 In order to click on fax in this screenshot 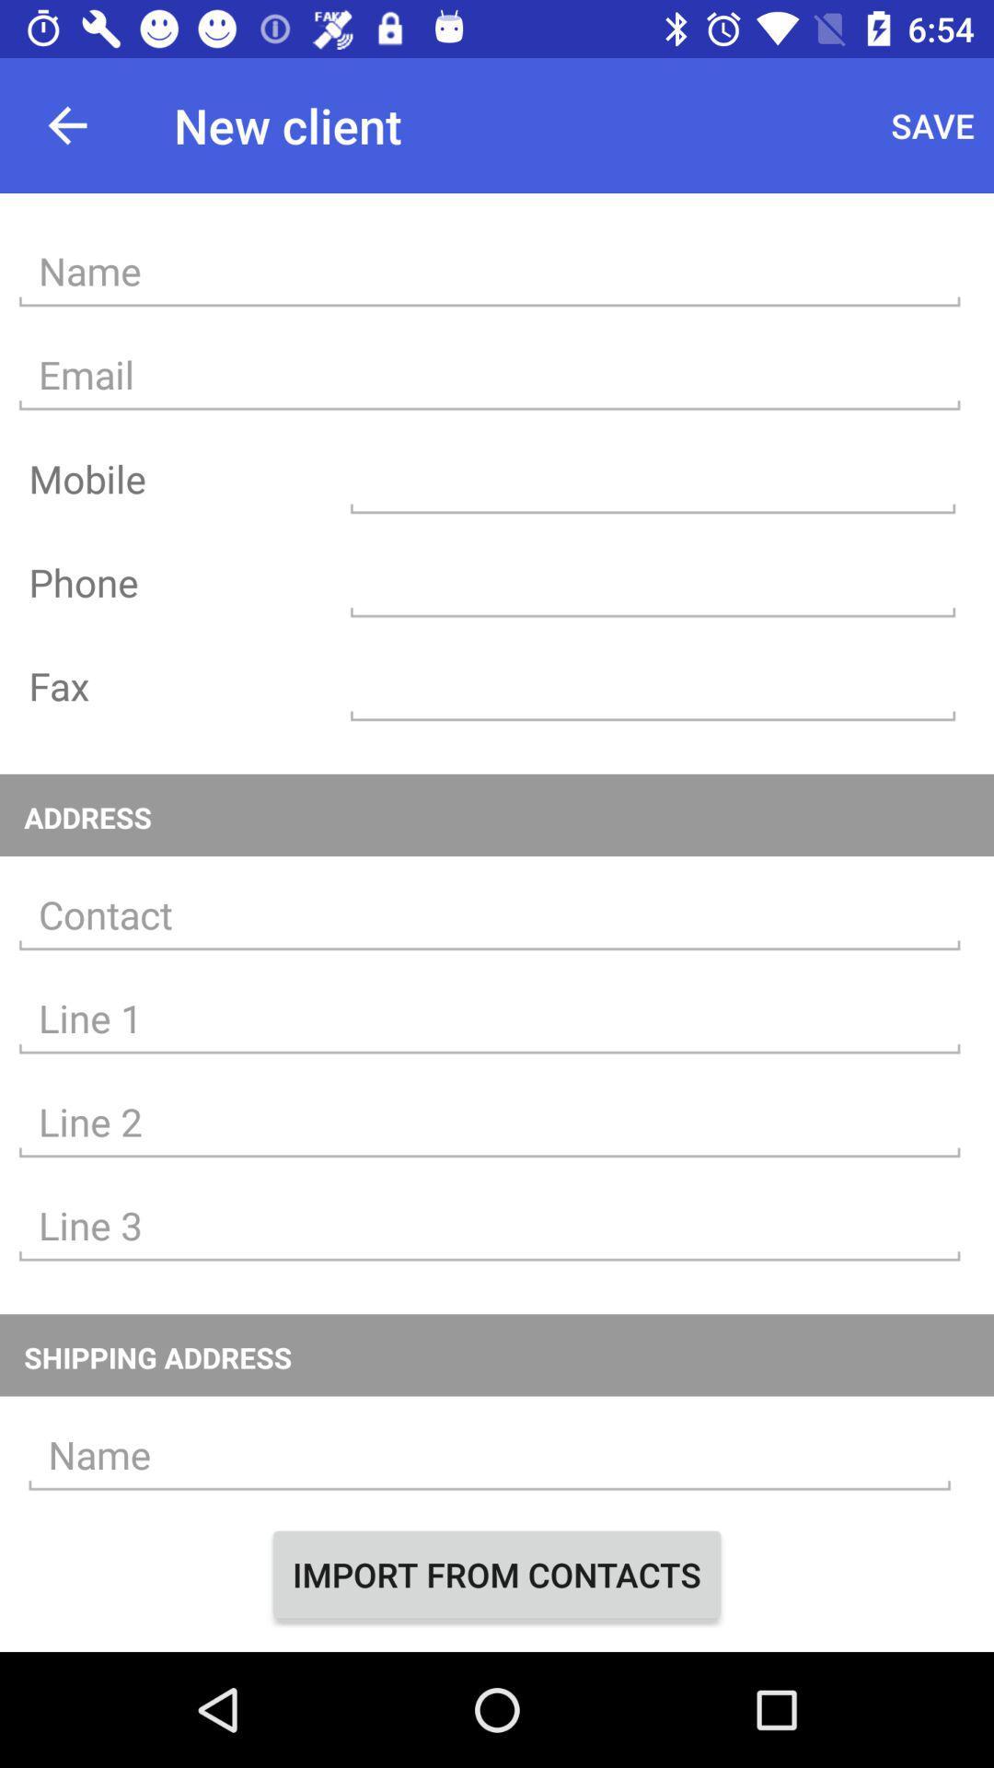, I will do `click(652, 685)`.